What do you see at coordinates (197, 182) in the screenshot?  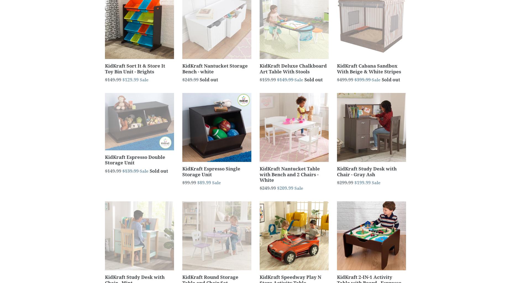 I see `'$89.99'` at bounding box center [197, 182].